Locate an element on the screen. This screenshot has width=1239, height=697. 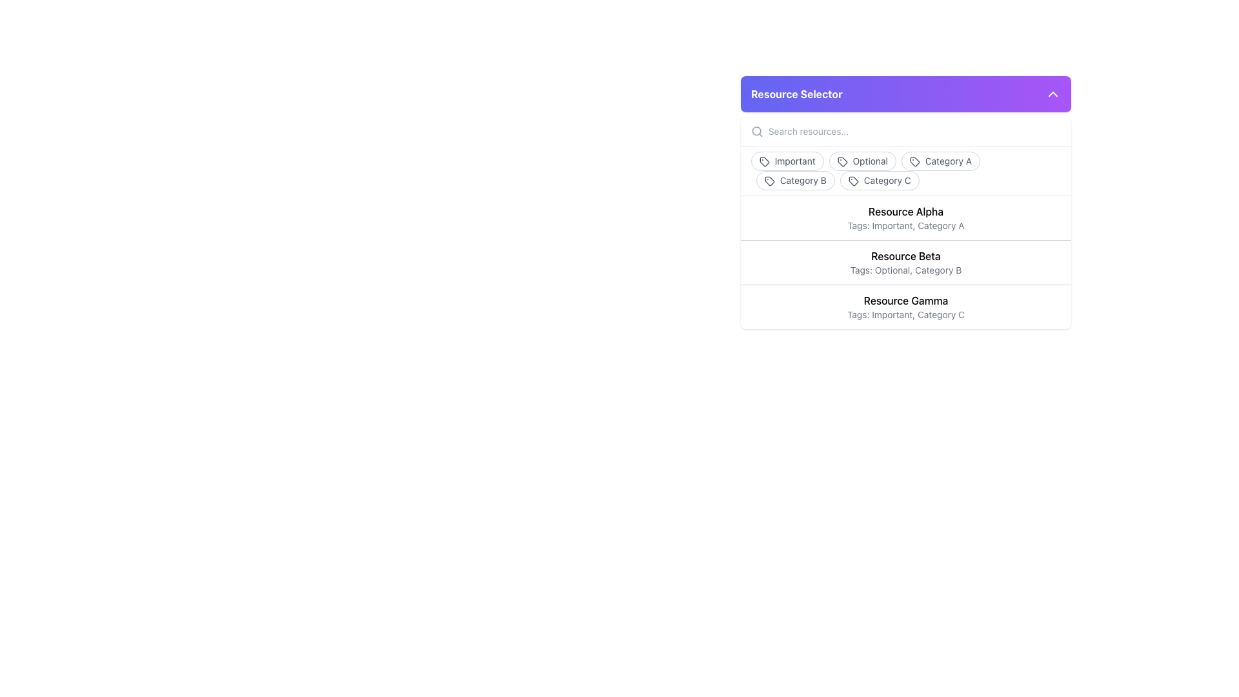
the text label reading 'Tags: Important, Category C', which is displayed in gray within the card module labeled 'Resource Gamma' is located at coordinates (905, 315).